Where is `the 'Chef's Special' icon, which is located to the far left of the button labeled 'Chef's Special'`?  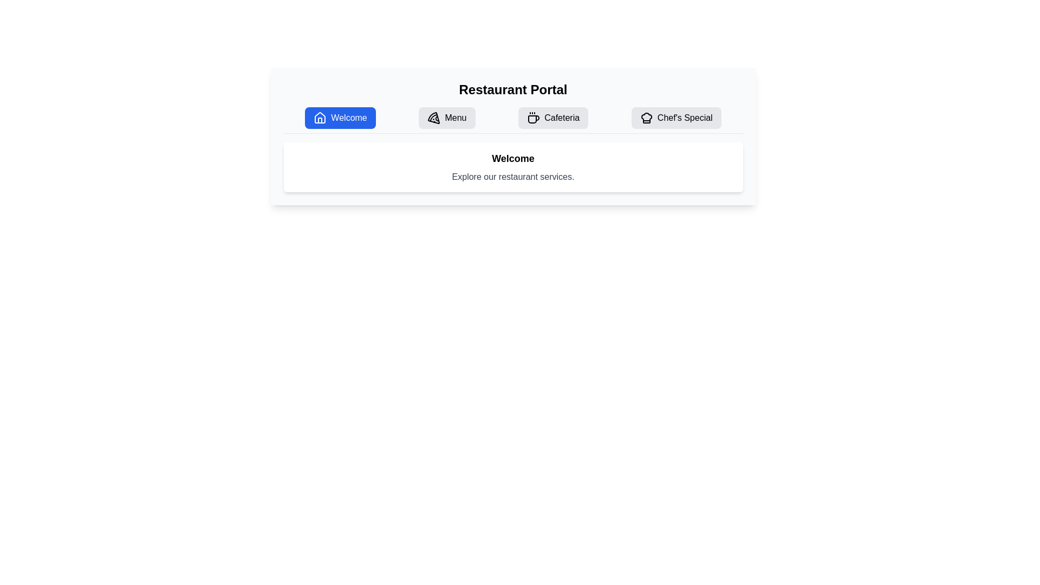 the 'Chef's Special' icon, which is located to the far left of the button labeled 'Chef's Special' is located at coordinates (646, 118).